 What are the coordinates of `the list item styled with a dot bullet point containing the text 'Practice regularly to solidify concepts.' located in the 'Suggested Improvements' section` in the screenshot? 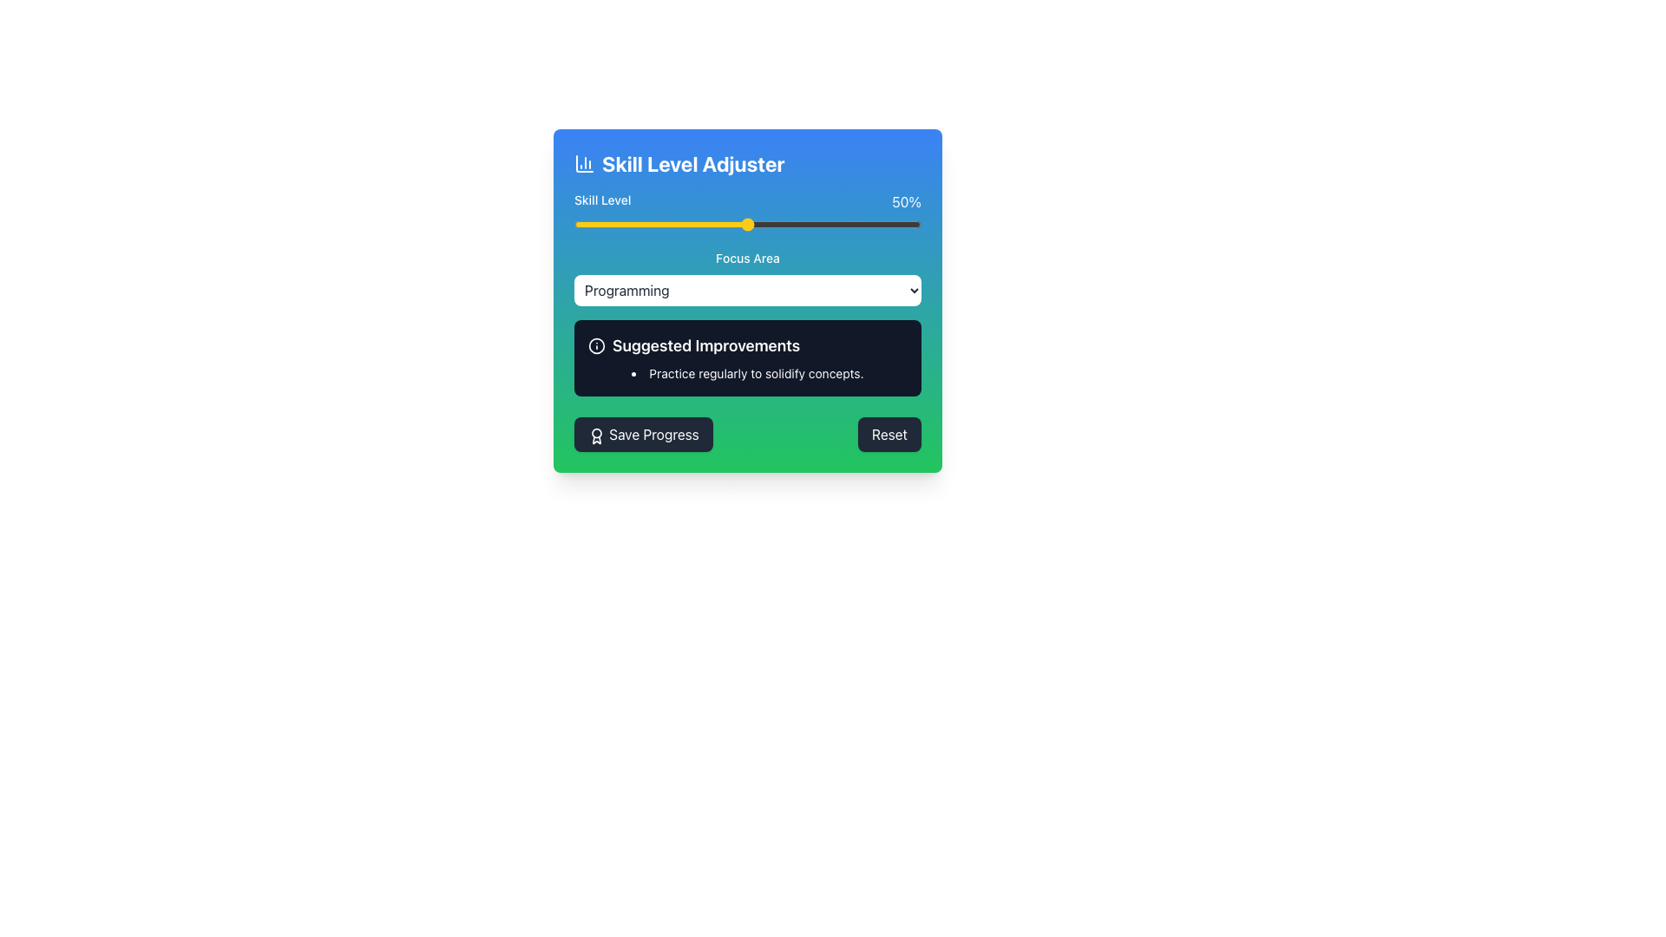 It's located at (748, 373).